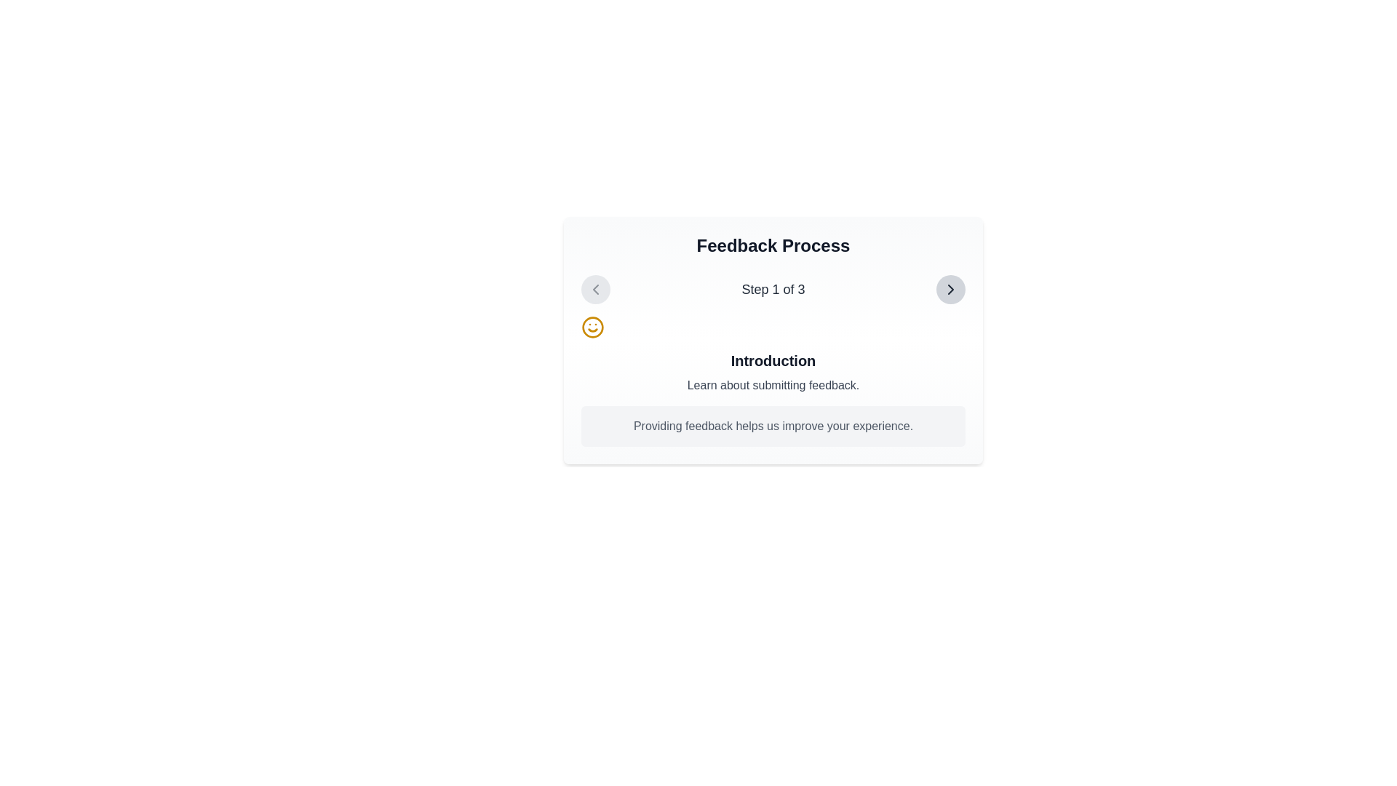 This screenshot has width=1397, height=786. I want to click on the text label that indicates the current step in a multi-step process, which is centrally located between a left navigation arrow and a right navigation arrow, so click(772, 289).